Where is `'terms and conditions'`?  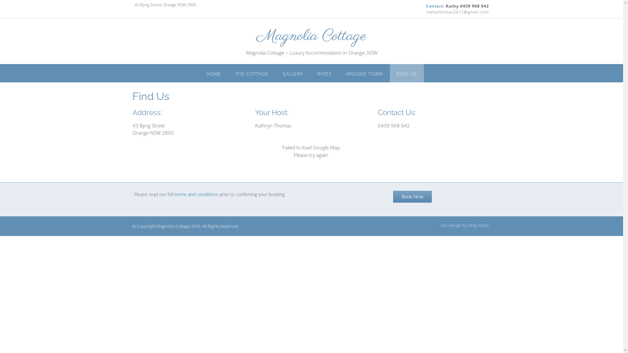
'terms and conditions' is located at coordinates (196, 194).